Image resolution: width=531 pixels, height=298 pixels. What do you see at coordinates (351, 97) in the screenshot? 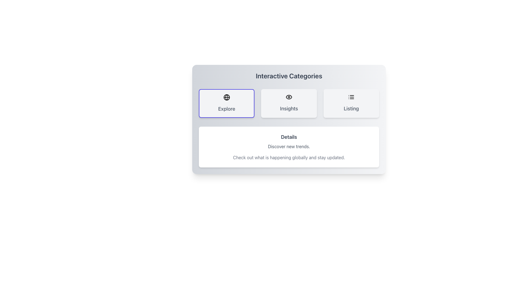
I see `the icon representing the 'Listing' feature, which is located at the upper center of the 'Listing' button, slightly above the text label 'Listing'` at bounding box center [351, 97].